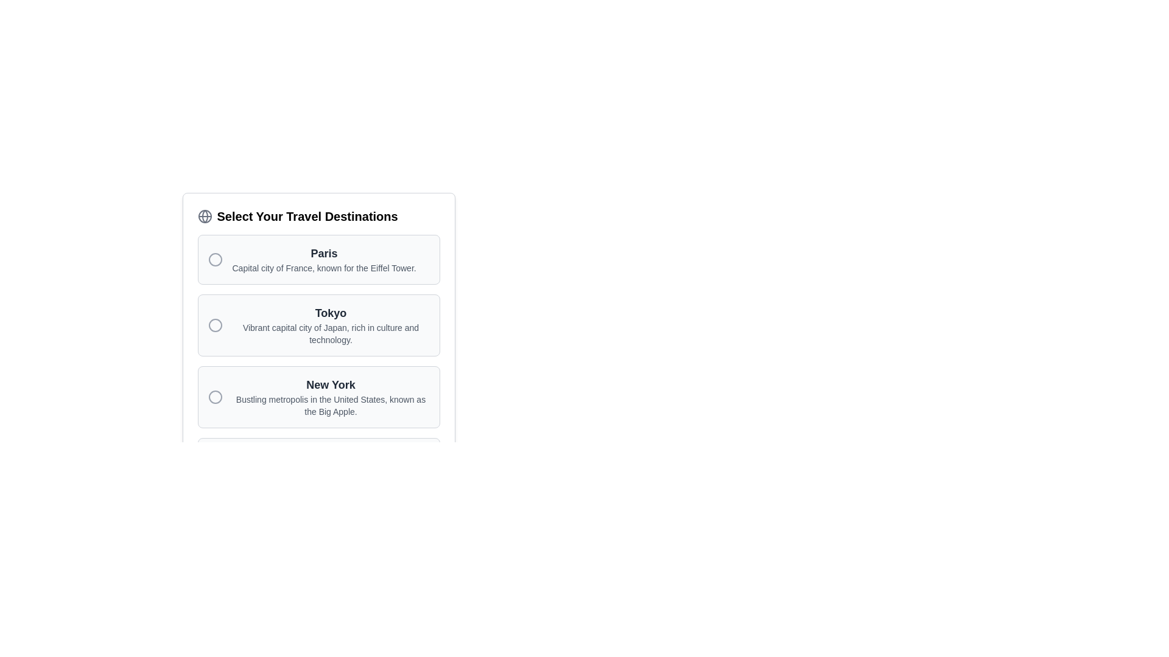  What do you see at coordinates (324, 259) in the screenshot?
I see `the Information card displaying the title 'Paris' and subtitle 'Capital city of France, known for the Eiffel Tower.' located in the top section of the travel destination list` at bounding box center [324, 259].